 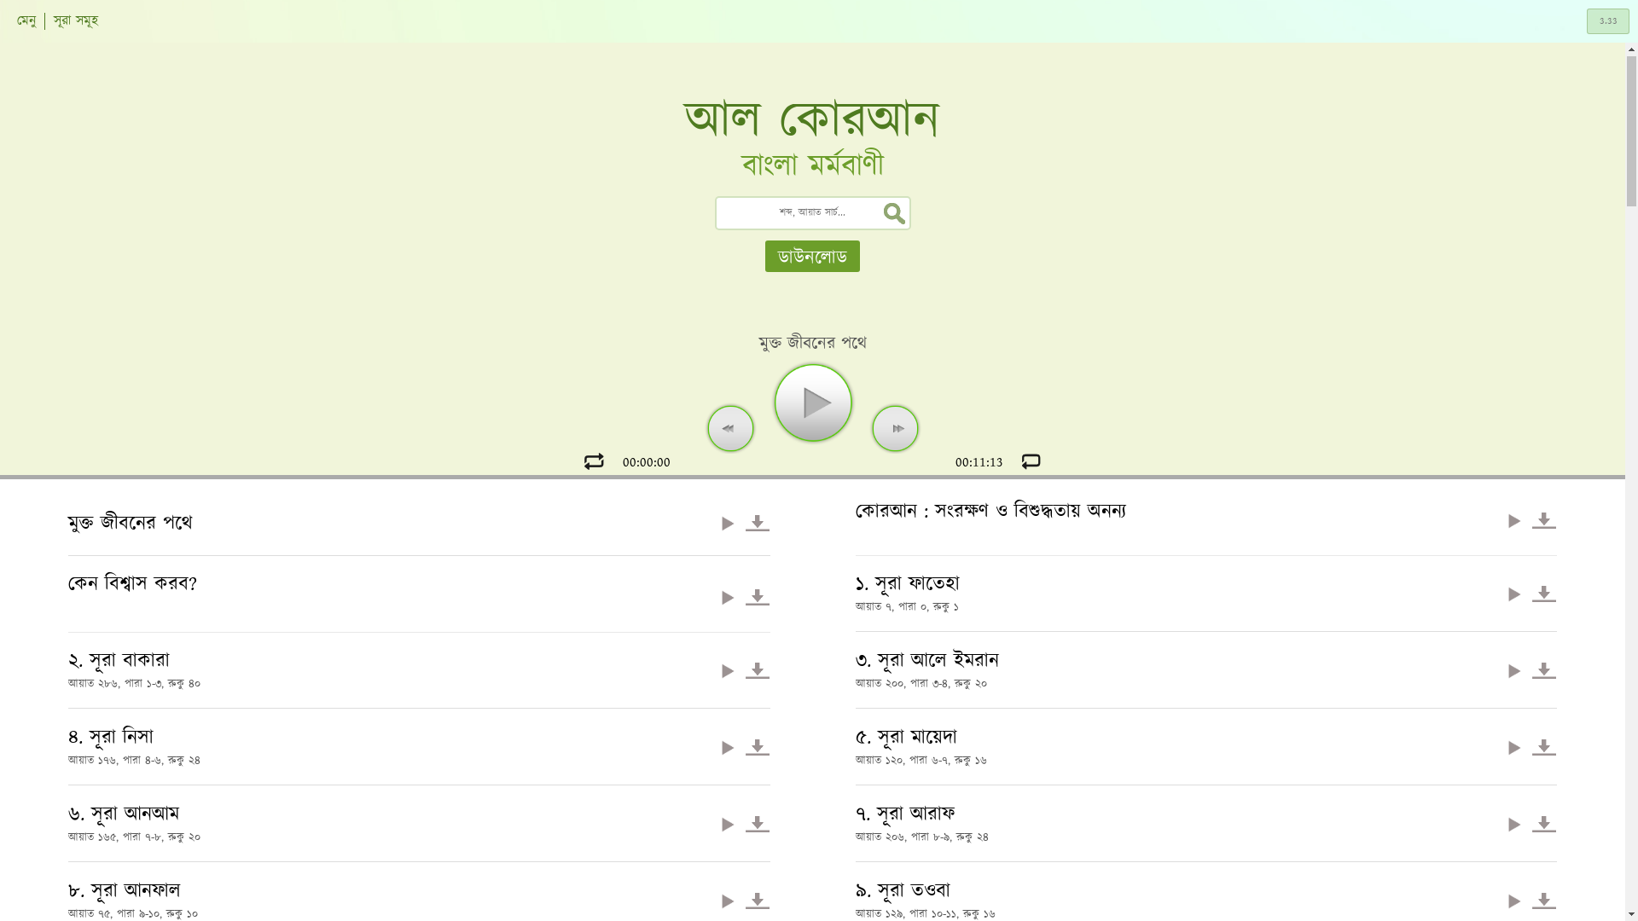 What do you see at coordinates (578, 460) in the screenshot?
I see `'repeat this surah'` at bounding box center [578, 460].